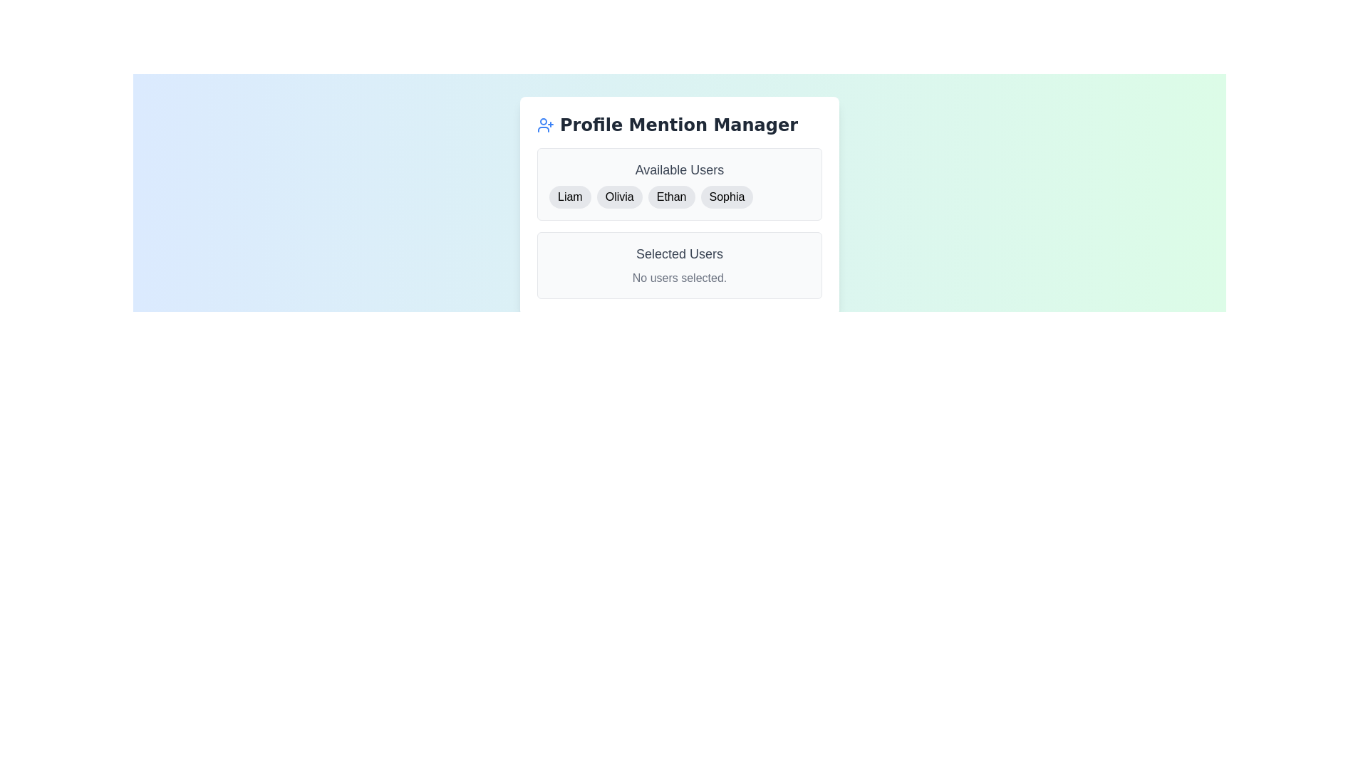 Image resolution: width=1368 pixels, height=769 pixels. I want to click on the button representing the user 'Olivia' in the 'Available Users' section, so click(619, 197).